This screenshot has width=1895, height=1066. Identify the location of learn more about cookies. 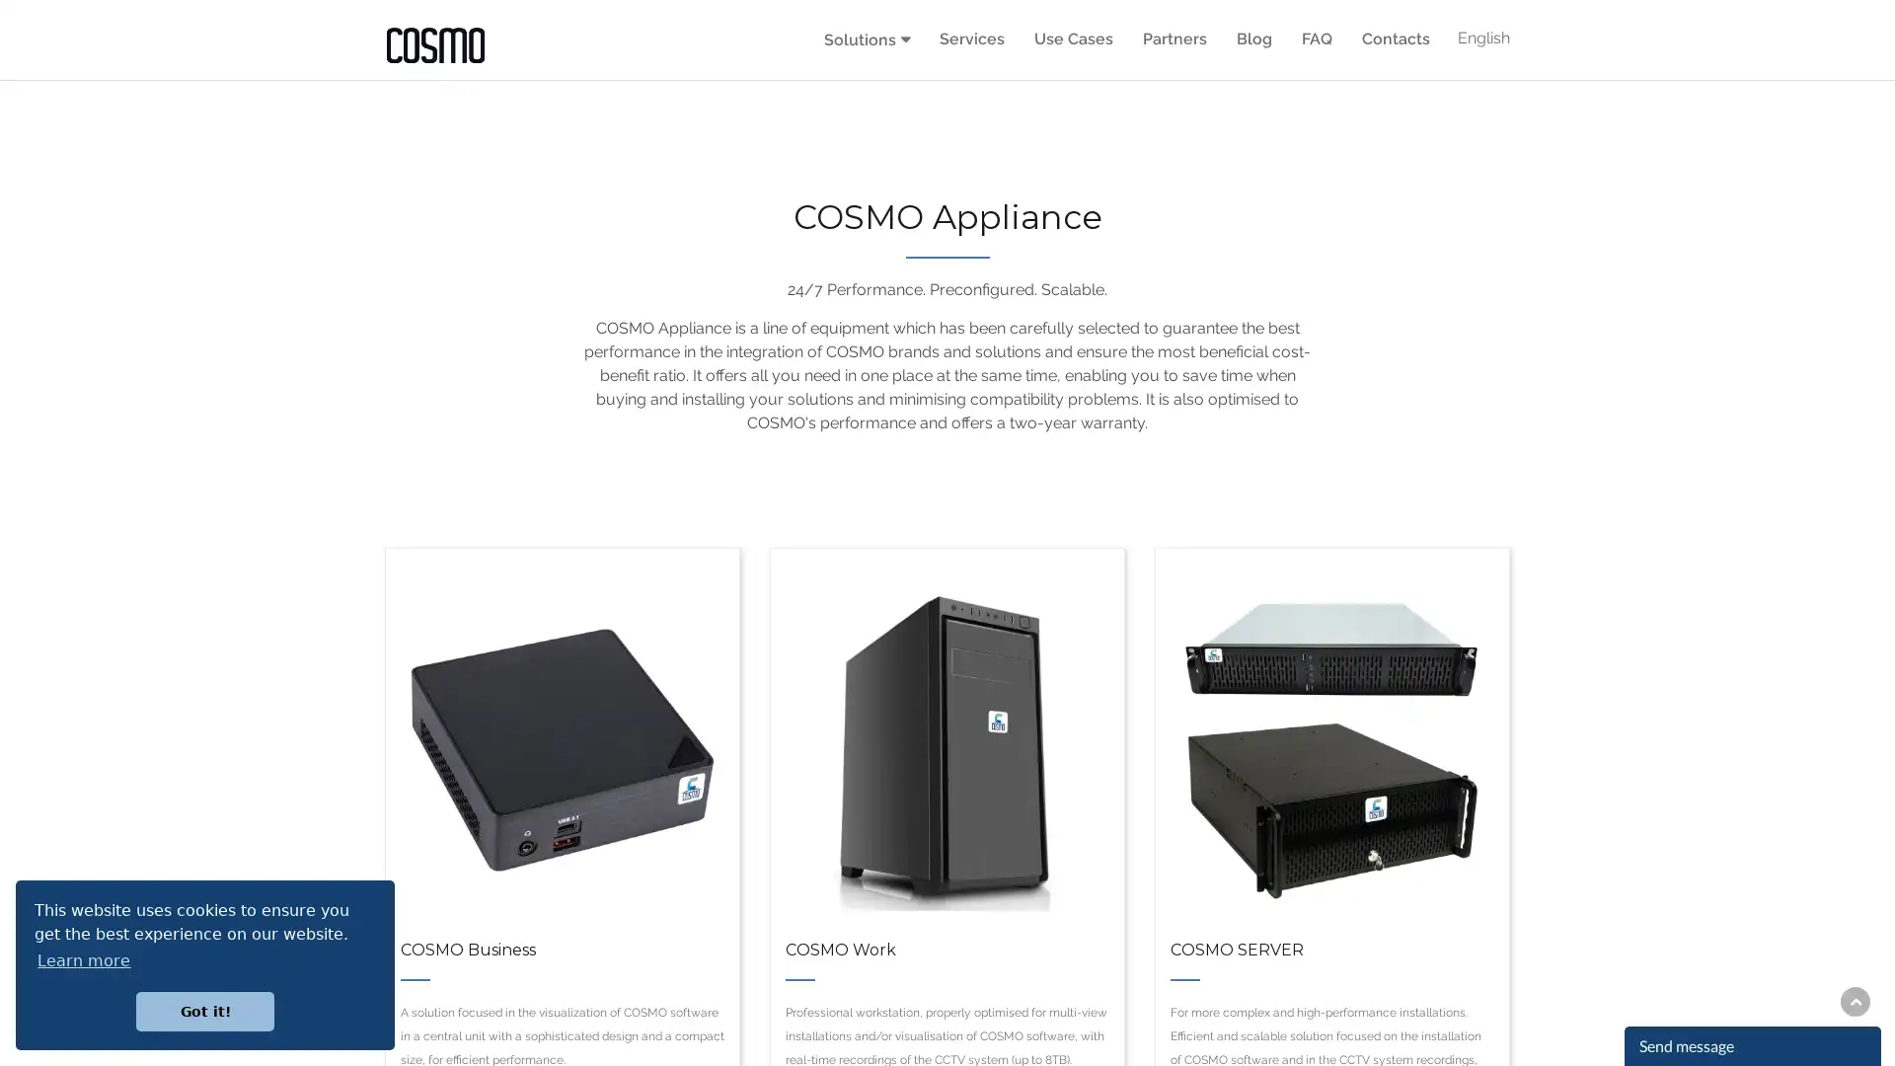
(83, 959).